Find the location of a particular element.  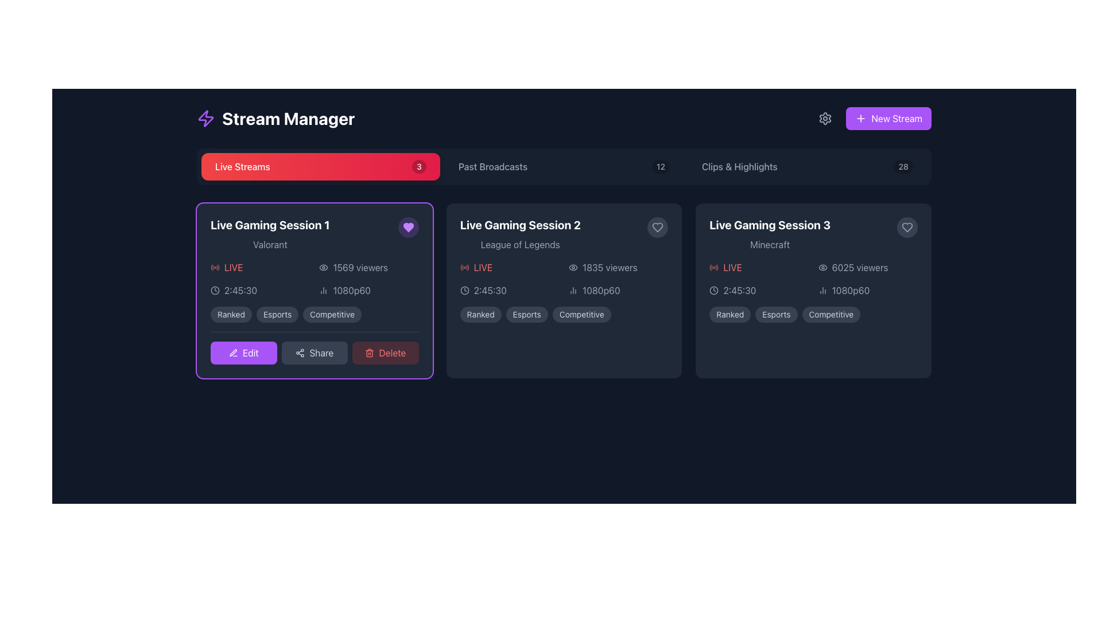

the text label indicating that the gaming session is currently live, located under the title of 'Live Gaming Session 3' in the top-left section of the card is located at coordinates (732, 267).